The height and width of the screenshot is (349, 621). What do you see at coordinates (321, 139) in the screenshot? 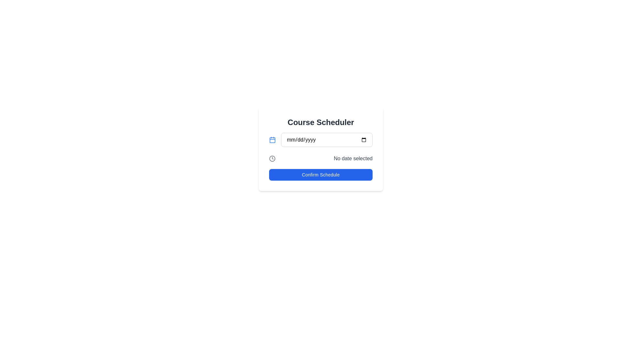
I see `inside the Date Input Field, which is the second row under the title 'Course Scheduler' within a white card layout, to type a date` at bounding box center [321, 139].